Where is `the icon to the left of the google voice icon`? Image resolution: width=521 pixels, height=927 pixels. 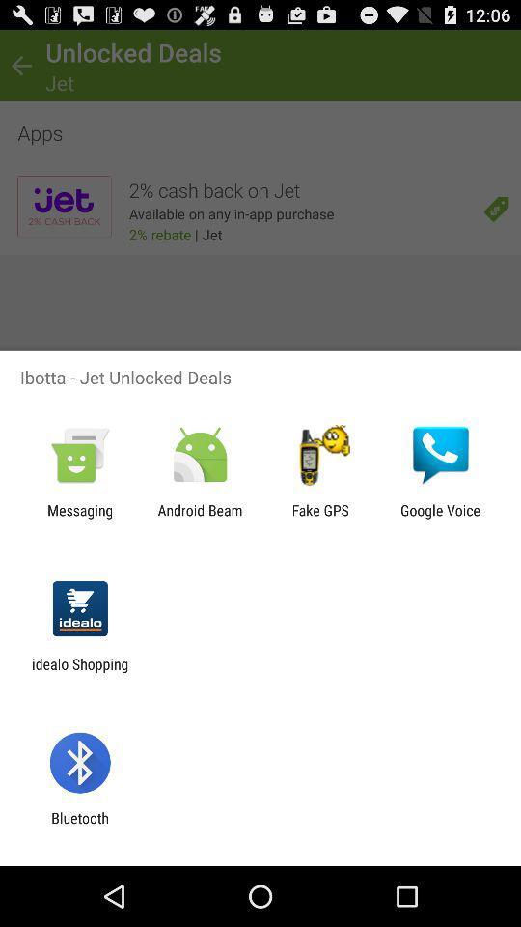 the icon to the left of the google voice icon is located at coordinates (320, 518).